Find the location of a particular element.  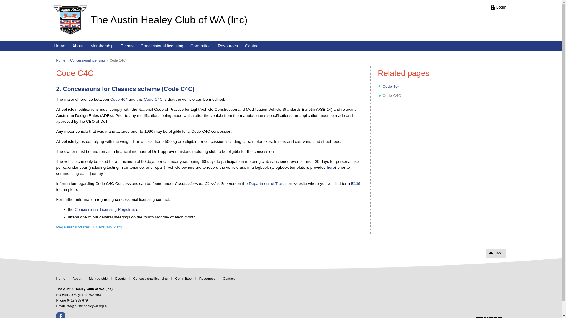

'Concessional Licensing Registrar' is located at coordinates (74, 209).